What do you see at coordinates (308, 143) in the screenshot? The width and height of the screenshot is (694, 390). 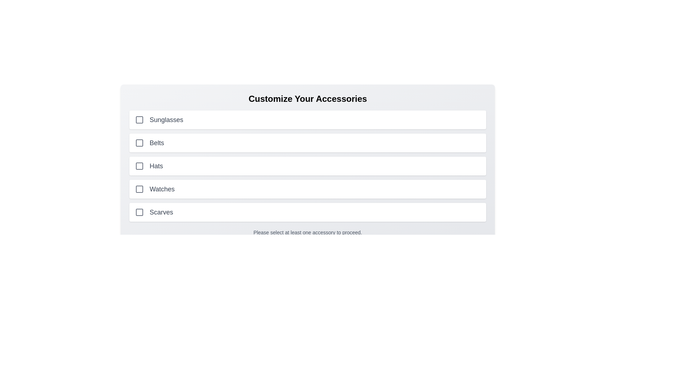 I see `the checkbox in the list item labeled 'Belts'` at bounding box center [308, 143].